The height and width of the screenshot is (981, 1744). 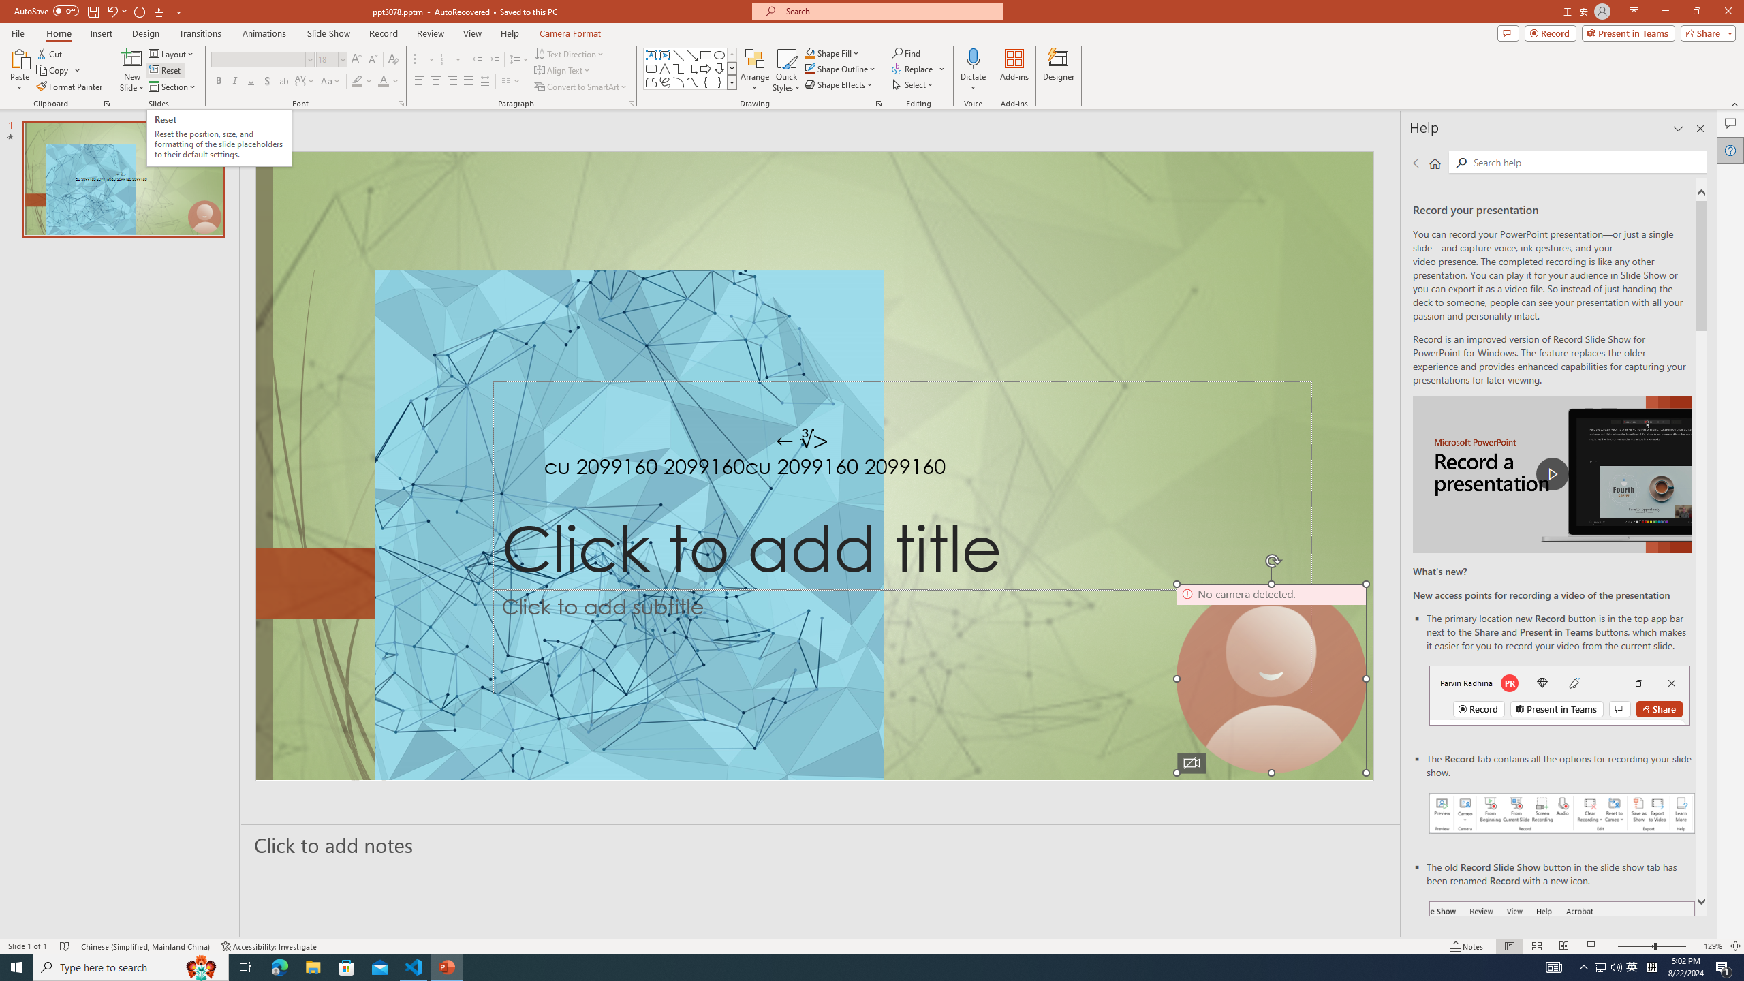 What do you see at coordinates (452, 59) in the screenshot?
I see `'Numbering'` at bounding box center [452, 59].